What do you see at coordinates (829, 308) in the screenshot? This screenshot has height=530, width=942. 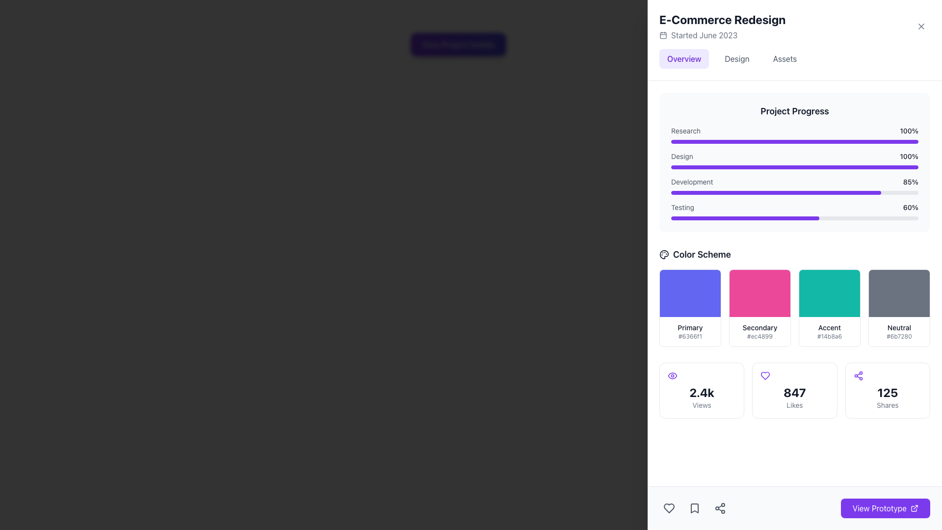 I see `the third color selection card in the 'Color Scheme' section, which visually represents a specific color and its associated code` at bounding box center [829, 308].